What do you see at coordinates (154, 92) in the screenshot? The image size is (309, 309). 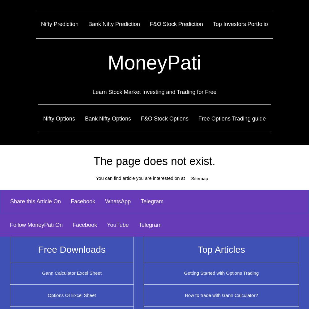 I see `'Learn Stock Market Investing and Trading for Free'` at bounding box center [154, 92].